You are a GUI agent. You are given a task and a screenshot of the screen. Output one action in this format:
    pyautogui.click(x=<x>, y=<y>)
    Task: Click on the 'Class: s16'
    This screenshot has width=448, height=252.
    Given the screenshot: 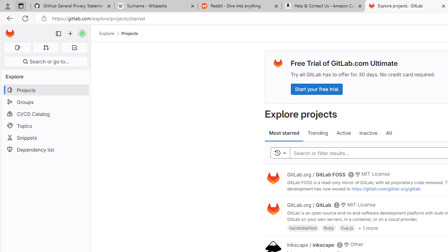 What is the action you would take?
    pyautogui.click(x=339, y=244)
    